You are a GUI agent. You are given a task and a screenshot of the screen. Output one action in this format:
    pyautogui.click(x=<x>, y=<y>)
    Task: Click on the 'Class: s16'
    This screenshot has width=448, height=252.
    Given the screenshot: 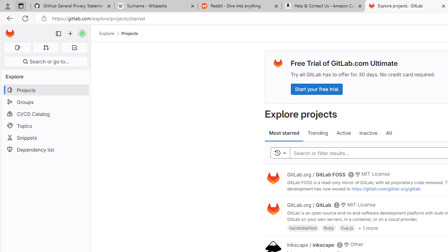 What is the action you would take?
    pyautogui.click(x=339, y=244)
    